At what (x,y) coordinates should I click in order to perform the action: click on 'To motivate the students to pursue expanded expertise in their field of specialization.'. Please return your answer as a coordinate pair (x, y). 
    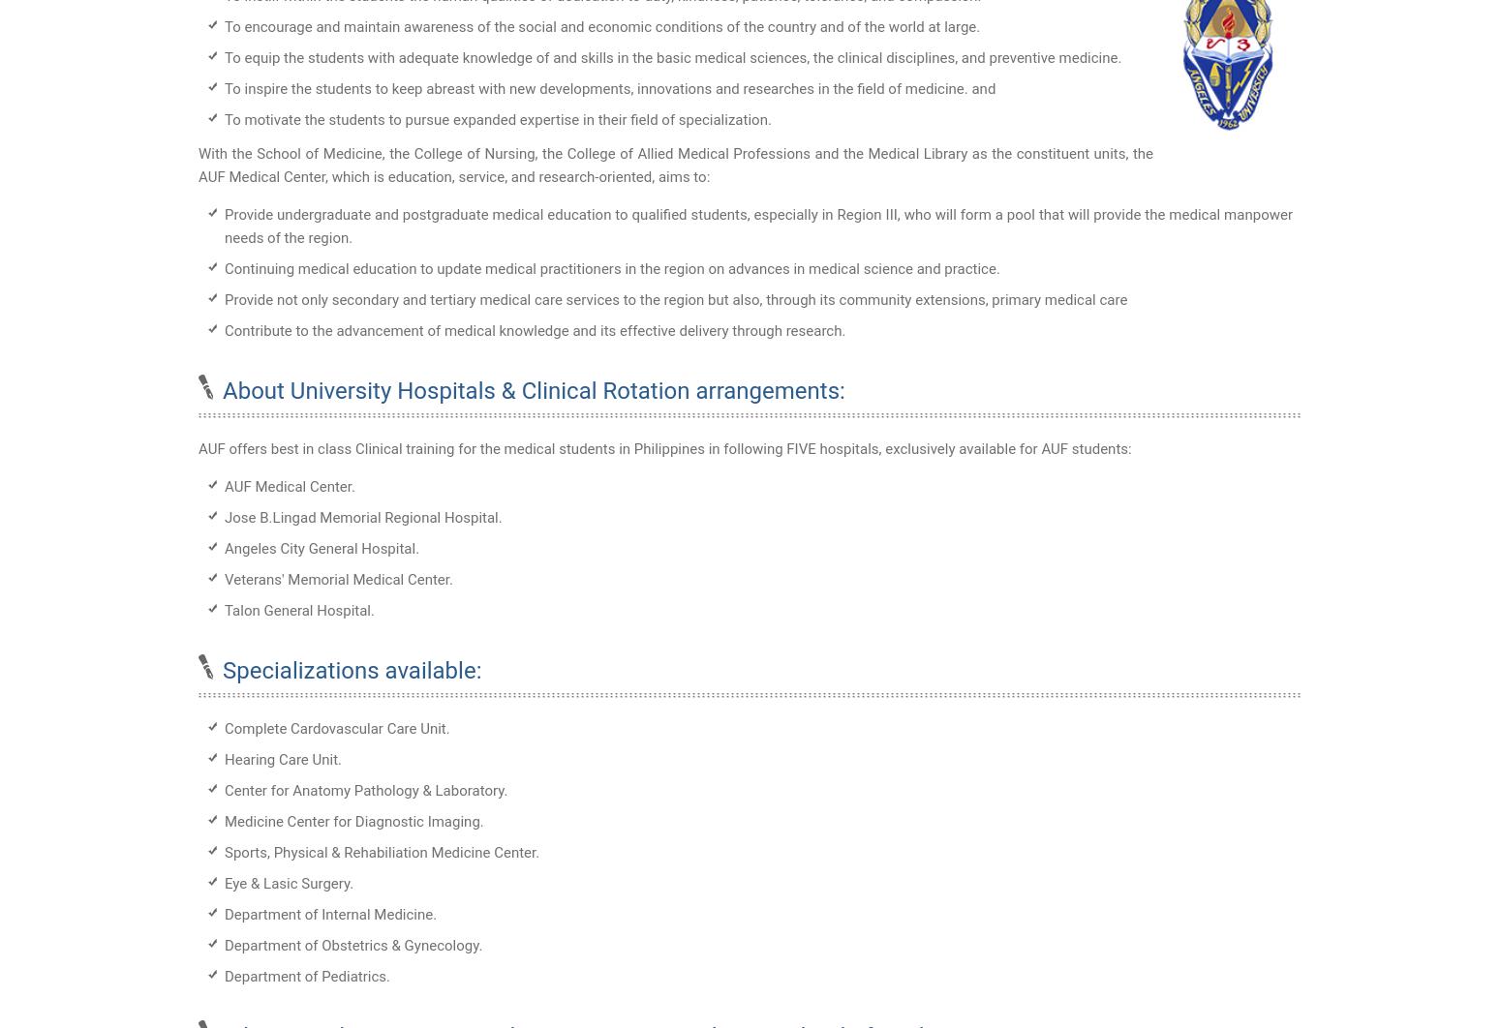
    Looking at the image, I should click on (224, 118).